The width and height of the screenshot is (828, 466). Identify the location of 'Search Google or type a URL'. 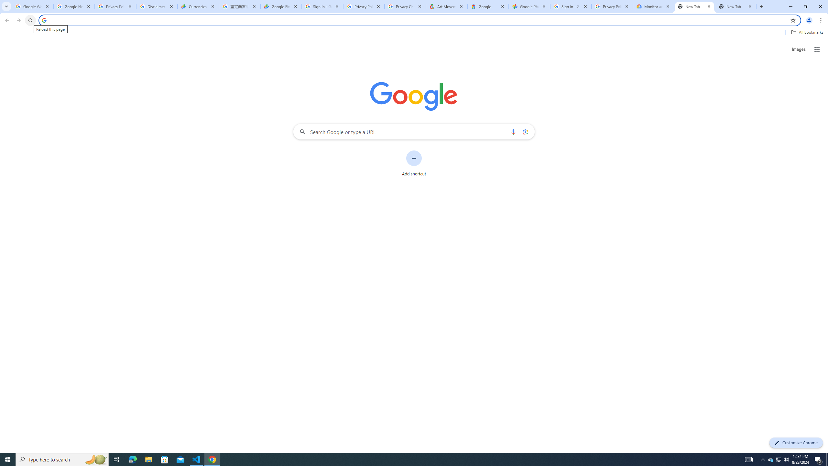
(414, 131).